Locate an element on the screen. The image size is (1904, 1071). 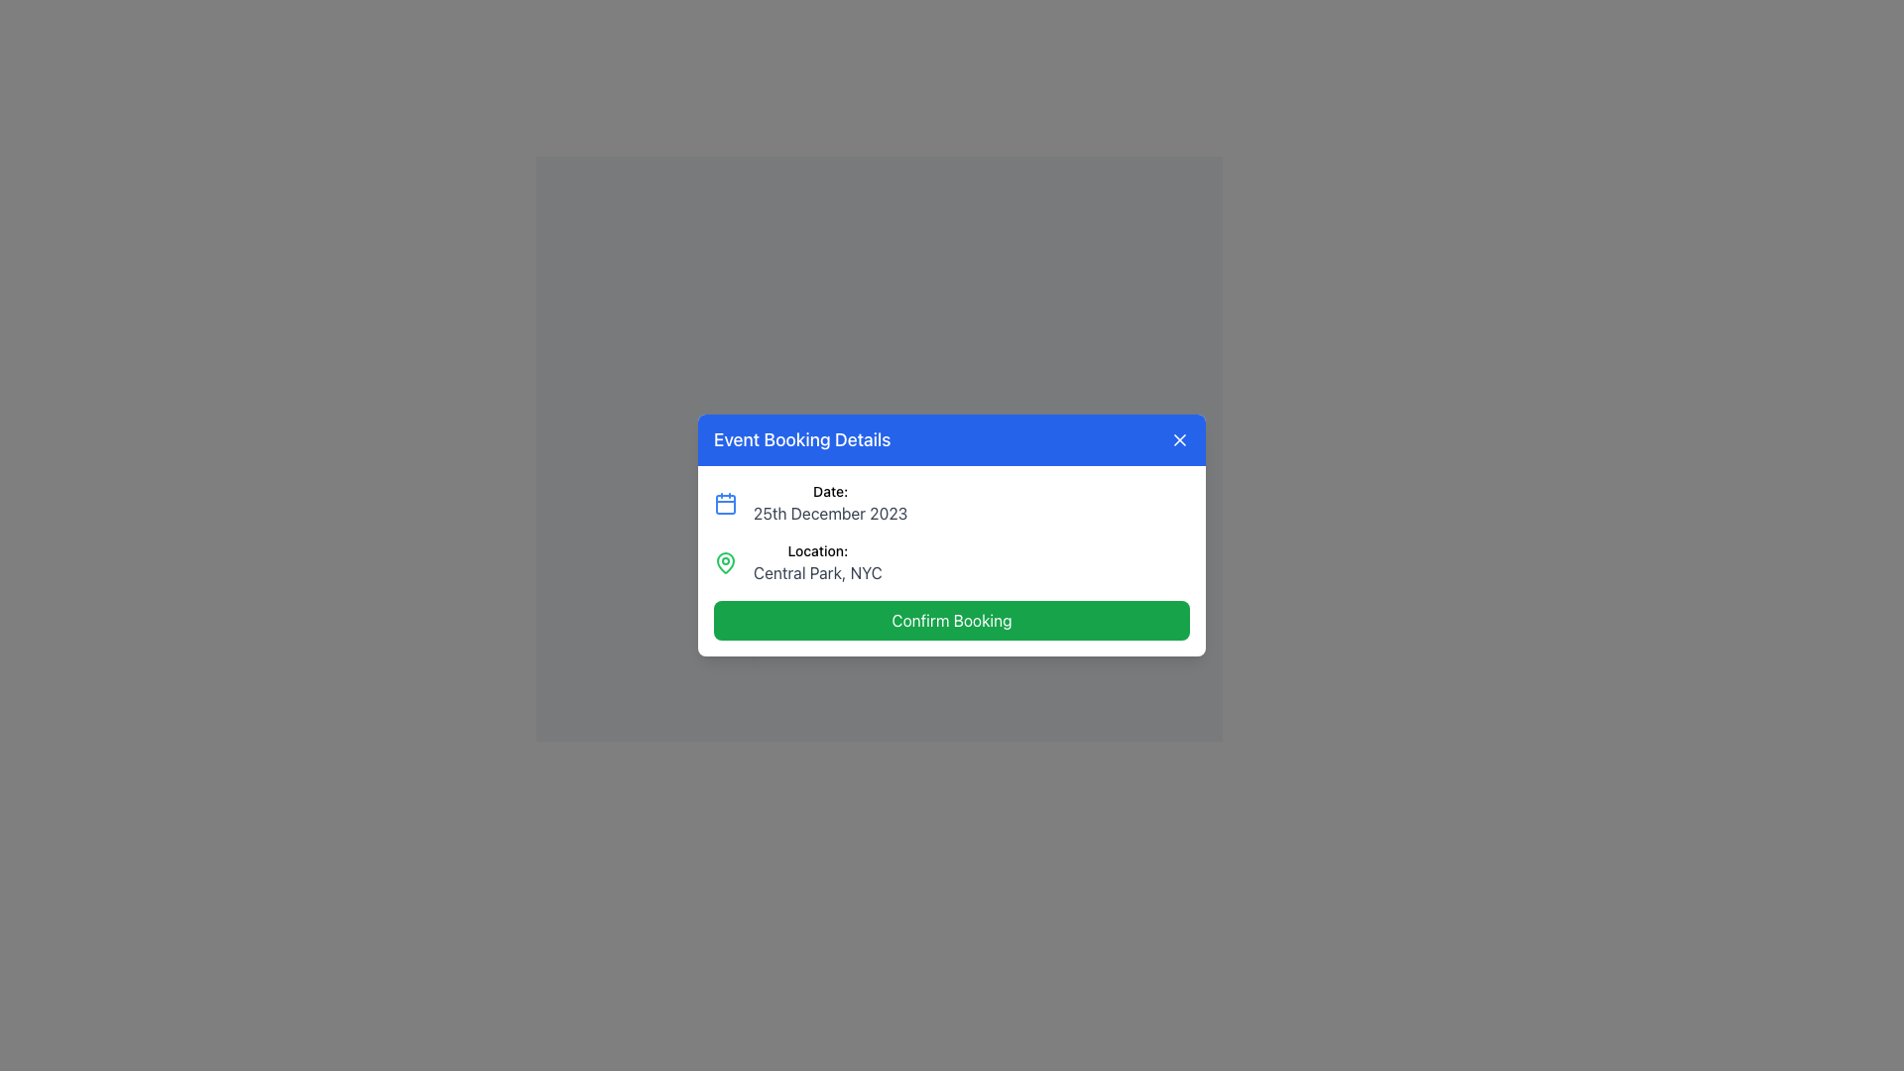
map pin icon element, which is part of the Event Booking Details dialog, characterized by a green outline and rounded pin shape, located next to the 'Location' label is located at coordinates (724, 562).